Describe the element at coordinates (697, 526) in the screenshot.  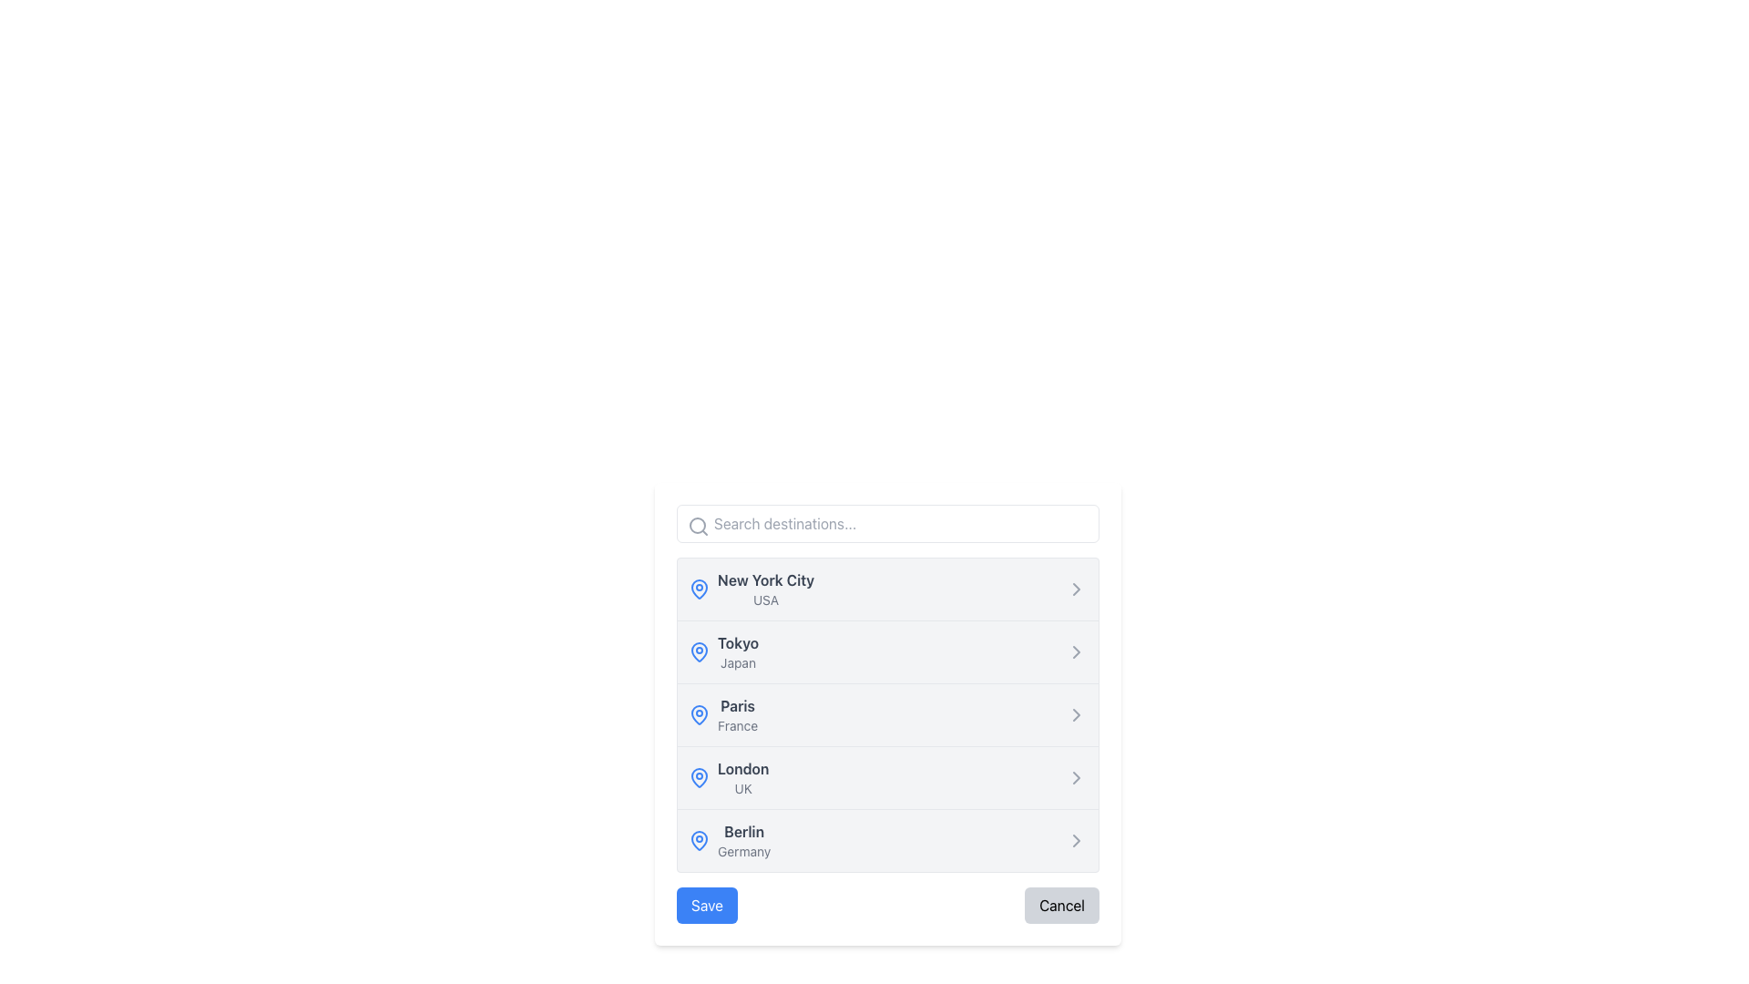
I see `the circular component of the search icon located to the left of the 'Search destinations...' box` at that location.